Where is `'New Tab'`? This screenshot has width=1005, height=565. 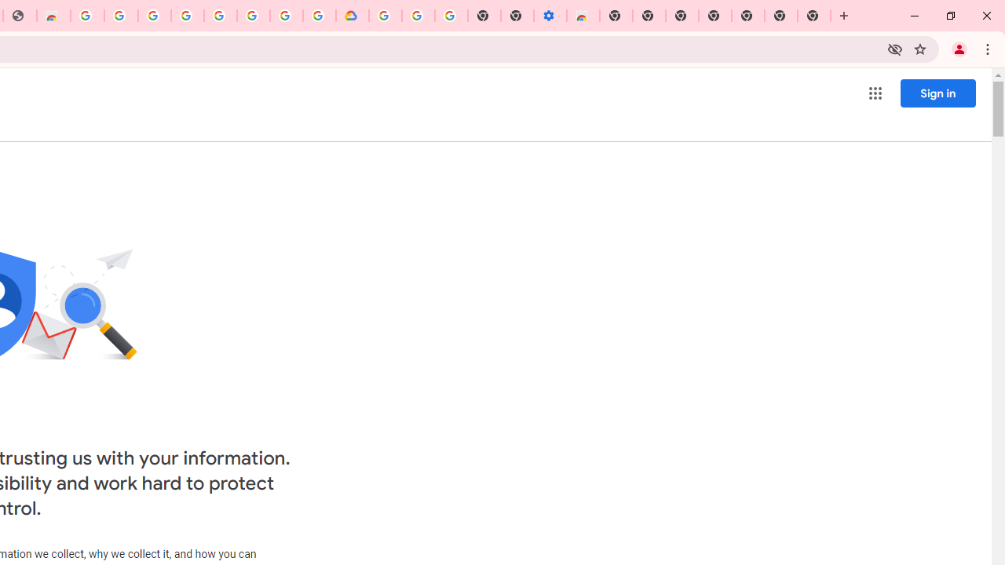 'New Tab' is located at coordinates (814, 16).